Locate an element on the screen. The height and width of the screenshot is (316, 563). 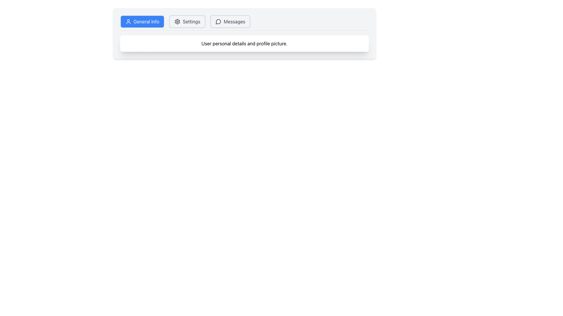
the 'Settings' button located is located at coordinates (187, 21).